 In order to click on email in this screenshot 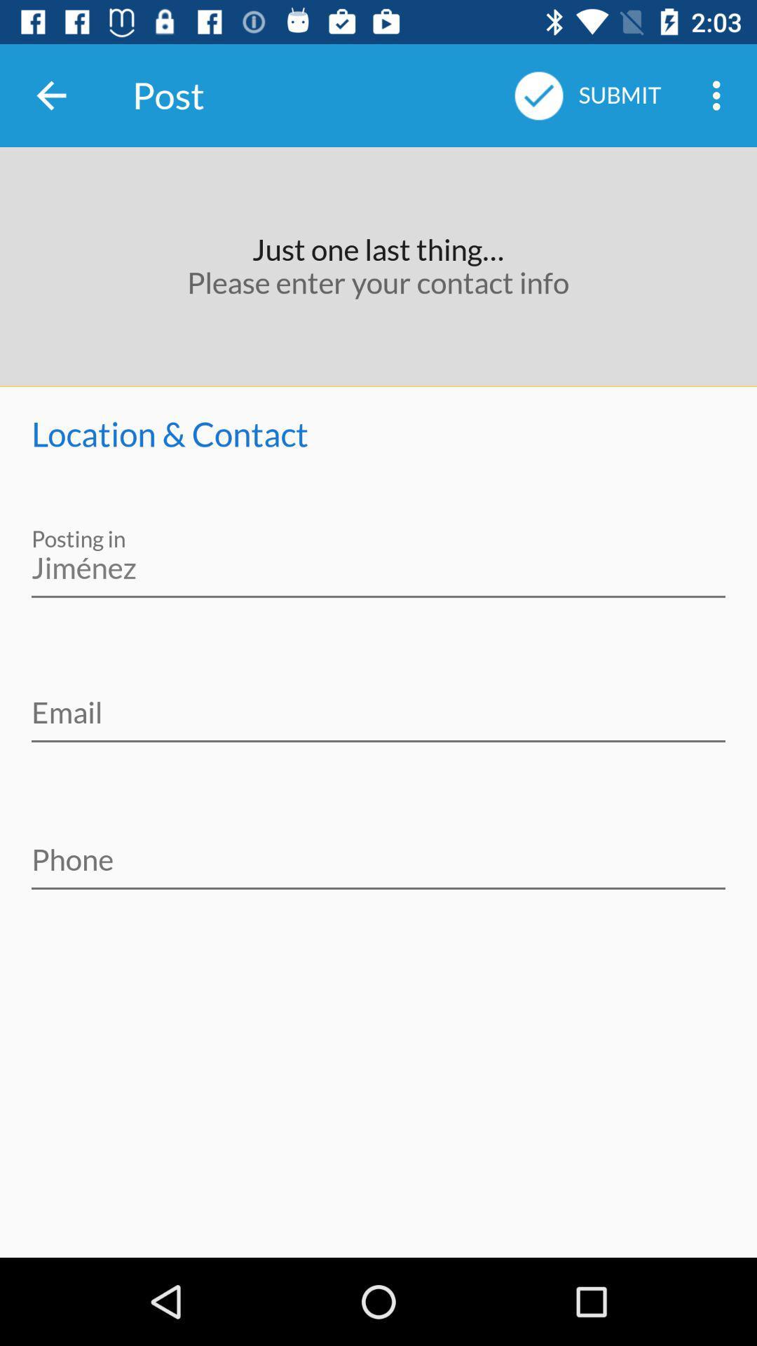, I will do `click(378, 703)`.